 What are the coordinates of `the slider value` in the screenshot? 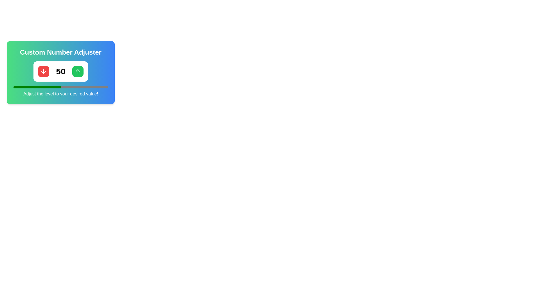 It's located at (98, 87).